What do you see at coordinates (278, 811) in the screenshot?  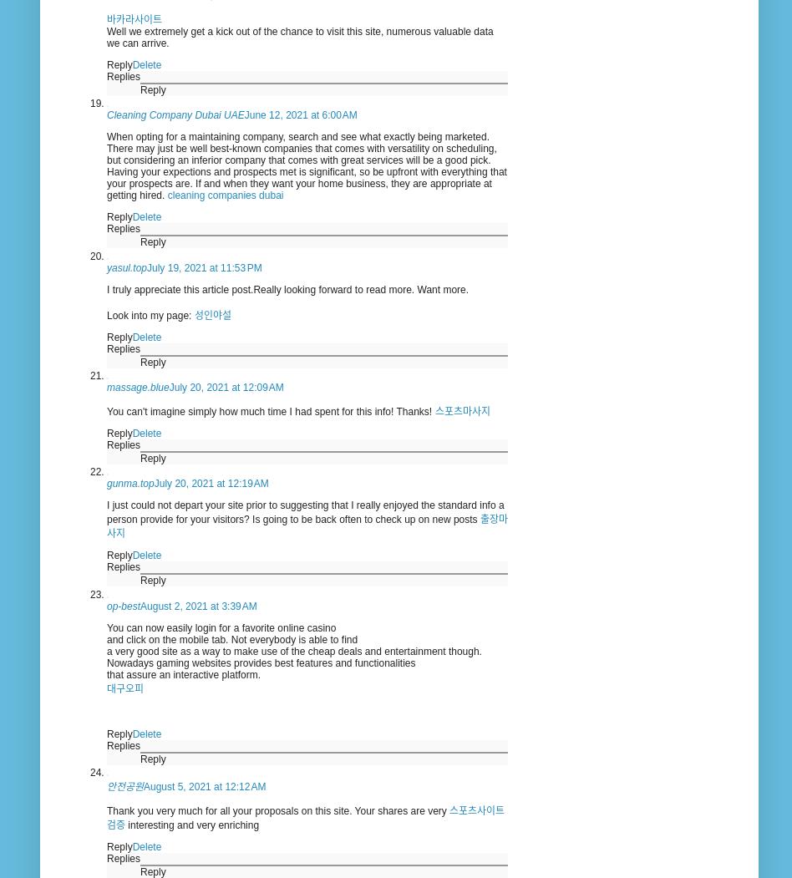 I see `'Thank you very much for all your proposals on this site. Your shares are very'` at bounding box center [278, 811].